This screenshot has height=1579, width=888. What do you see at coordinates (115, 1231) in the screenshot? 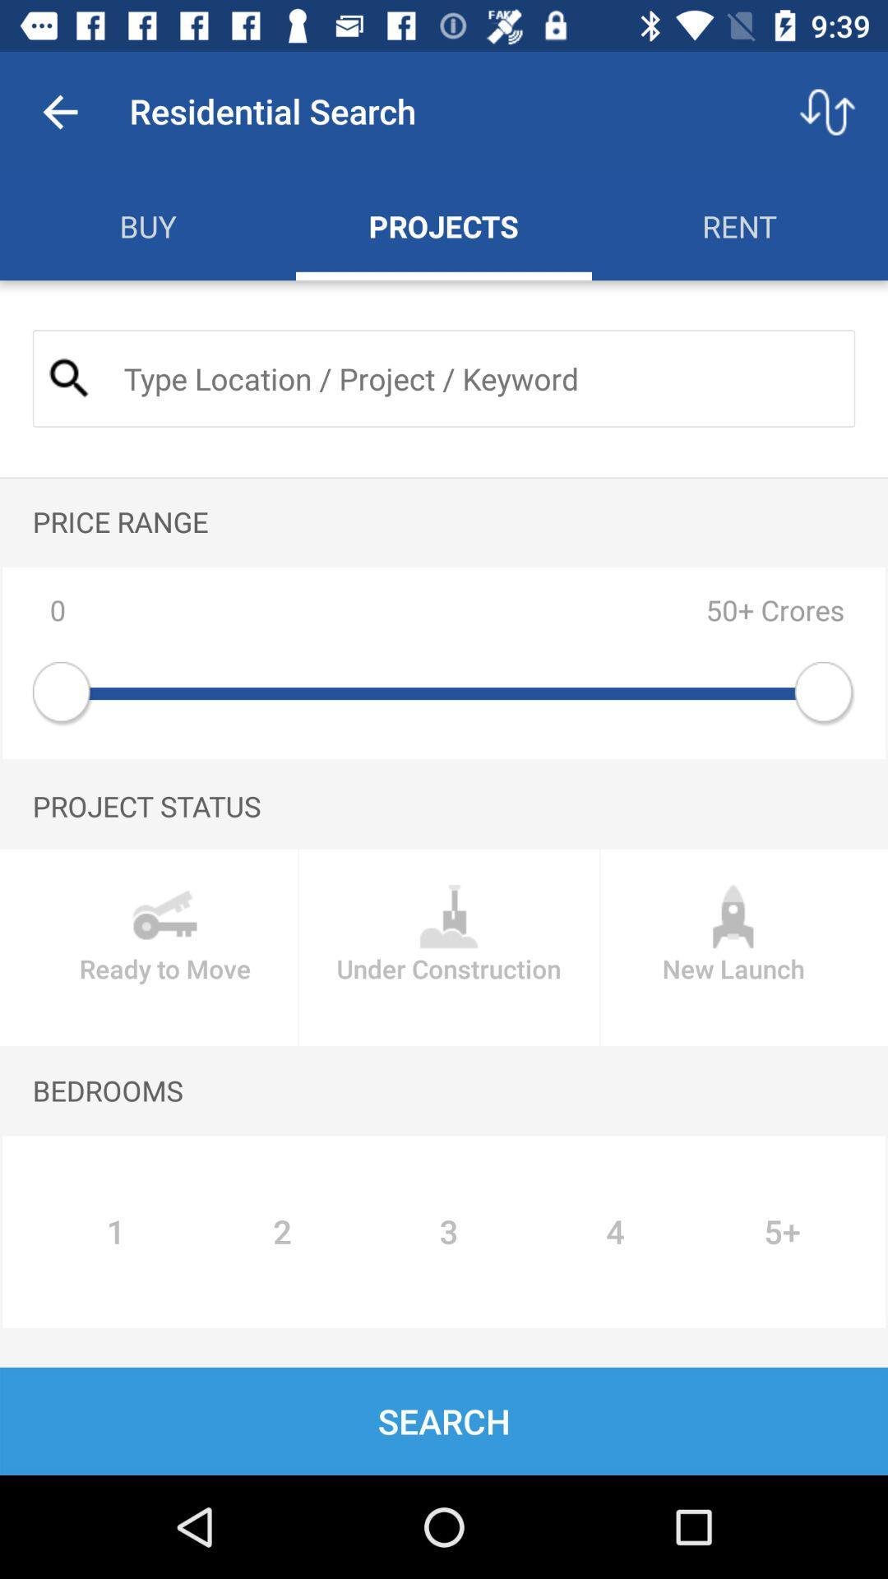
I see `1 at the bottom of the web page` at bounding box center [115, 1231].